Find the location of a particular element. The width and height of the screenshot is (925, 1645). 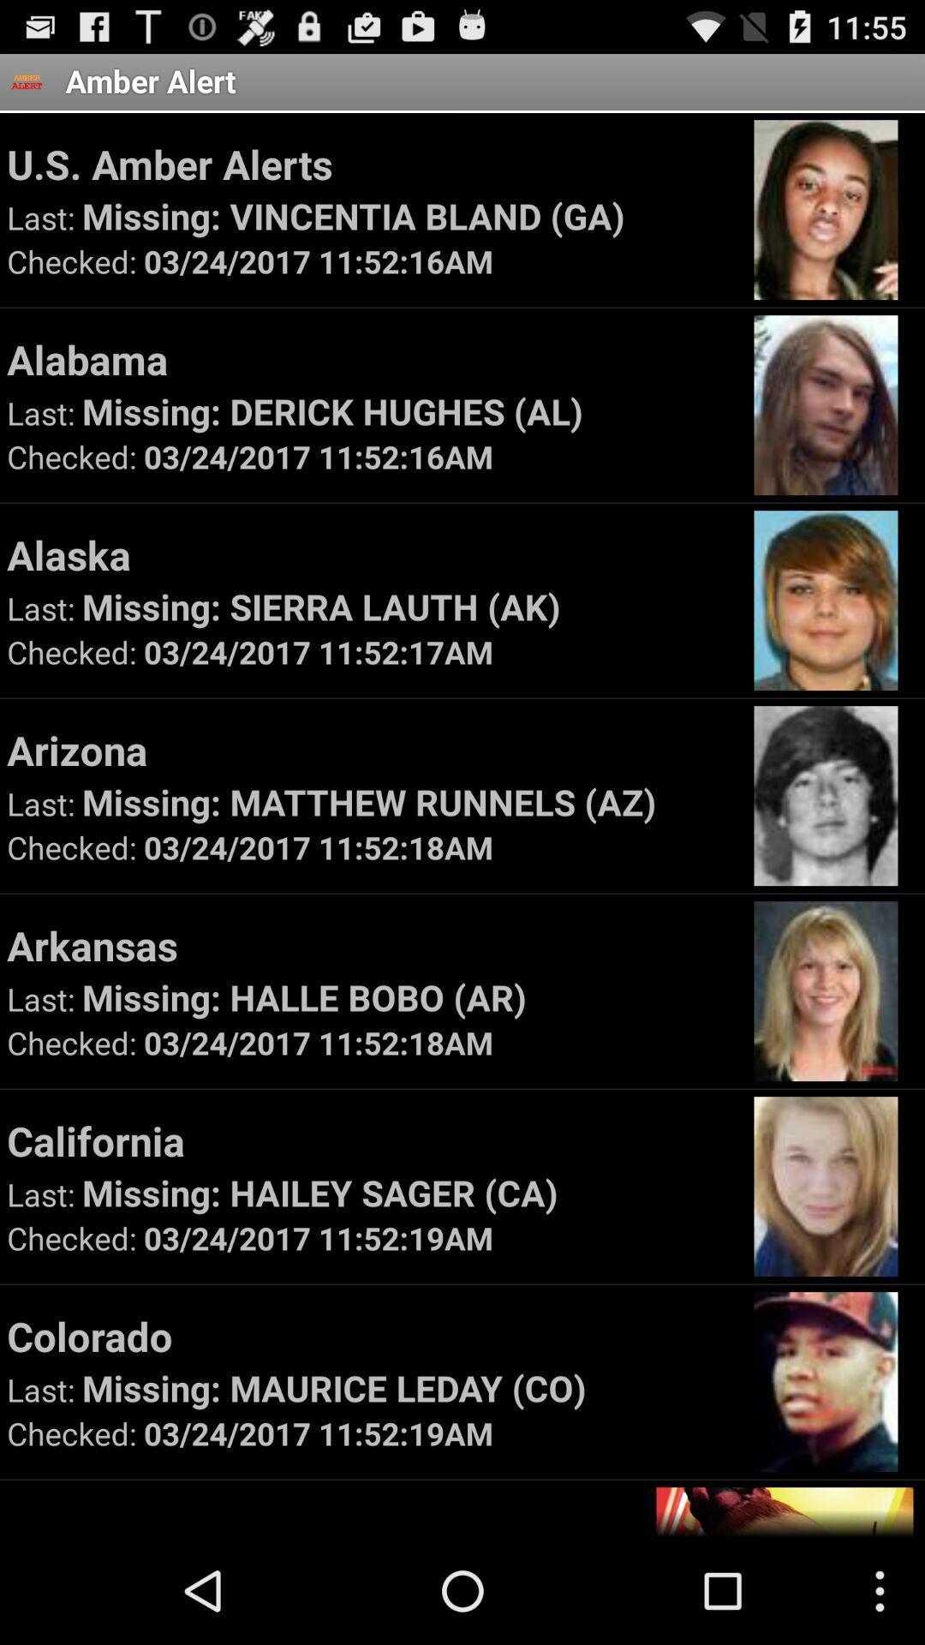

the alabama is located at coordinates (372, 358).